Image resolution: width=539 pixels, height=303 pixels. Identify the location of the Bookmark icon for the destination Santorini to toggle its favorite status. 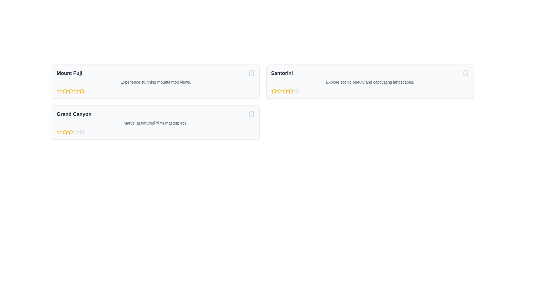
(466, 73).